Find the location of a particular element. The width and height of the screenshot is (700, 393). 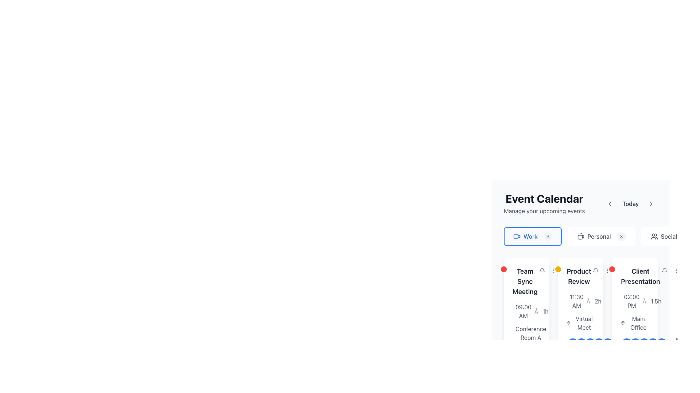

the bell icon in the horizontal group of two clickable icons located at the top-right corner of the 'Product Review' card is located at coordinates (601, 271).